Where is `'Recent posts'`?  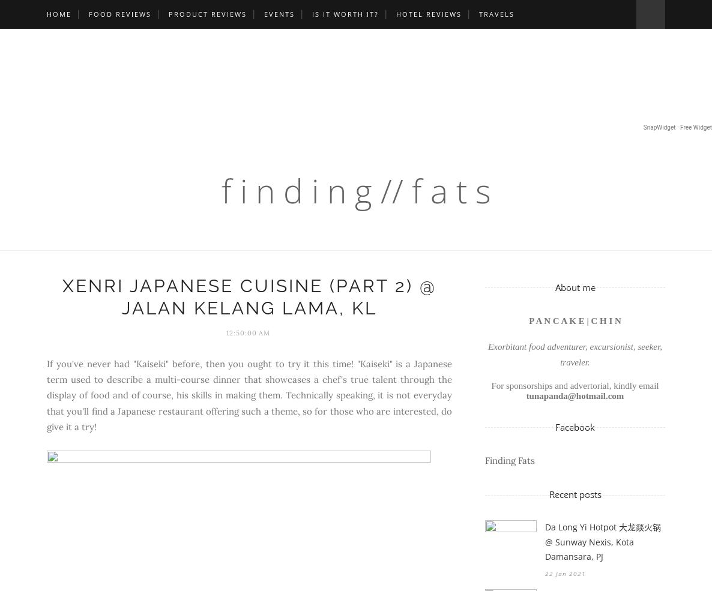 'Recent posts' is located at coordinates (574, 493).